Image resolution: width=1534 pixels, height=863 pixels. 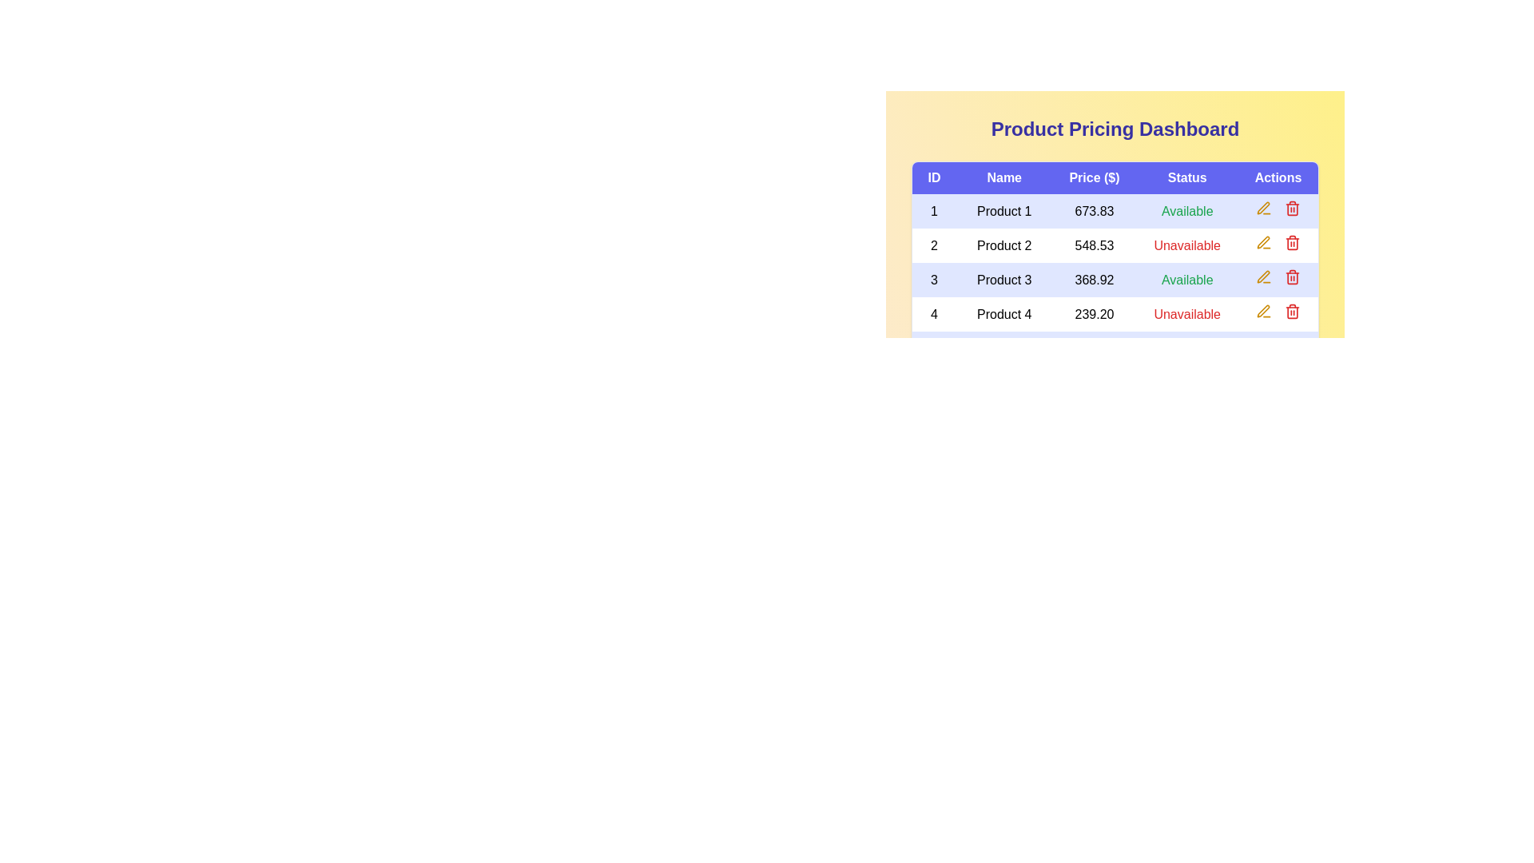 I want to click on the 'Edit' button for product 1, so click(x=1262, y=208).